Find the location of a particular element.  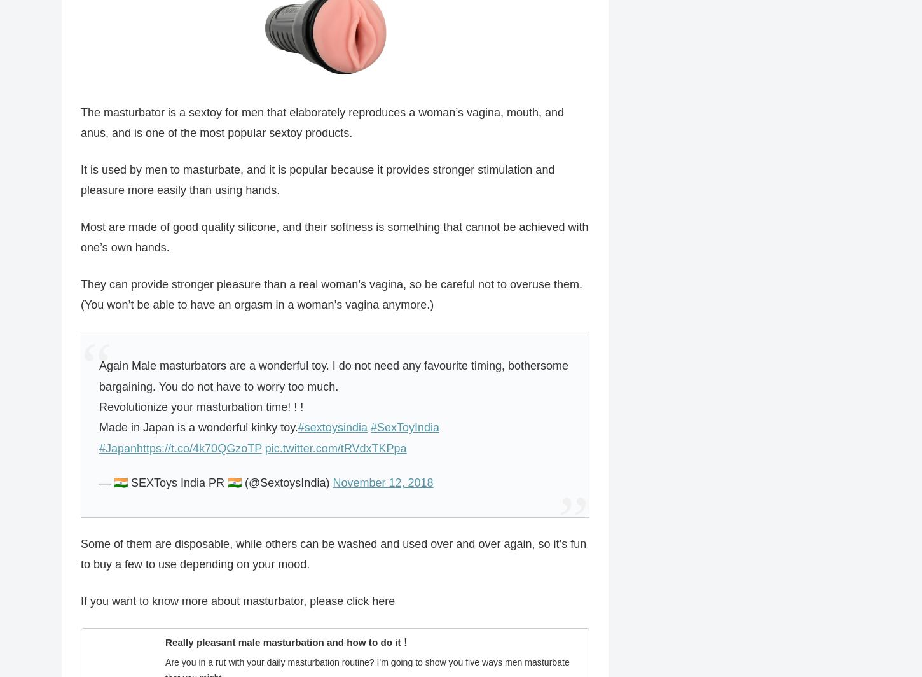

'Most are made of good quality silicone, and their softness is something that cannot be achieved with one’s own hands.' is located at coordinates (334, 237).